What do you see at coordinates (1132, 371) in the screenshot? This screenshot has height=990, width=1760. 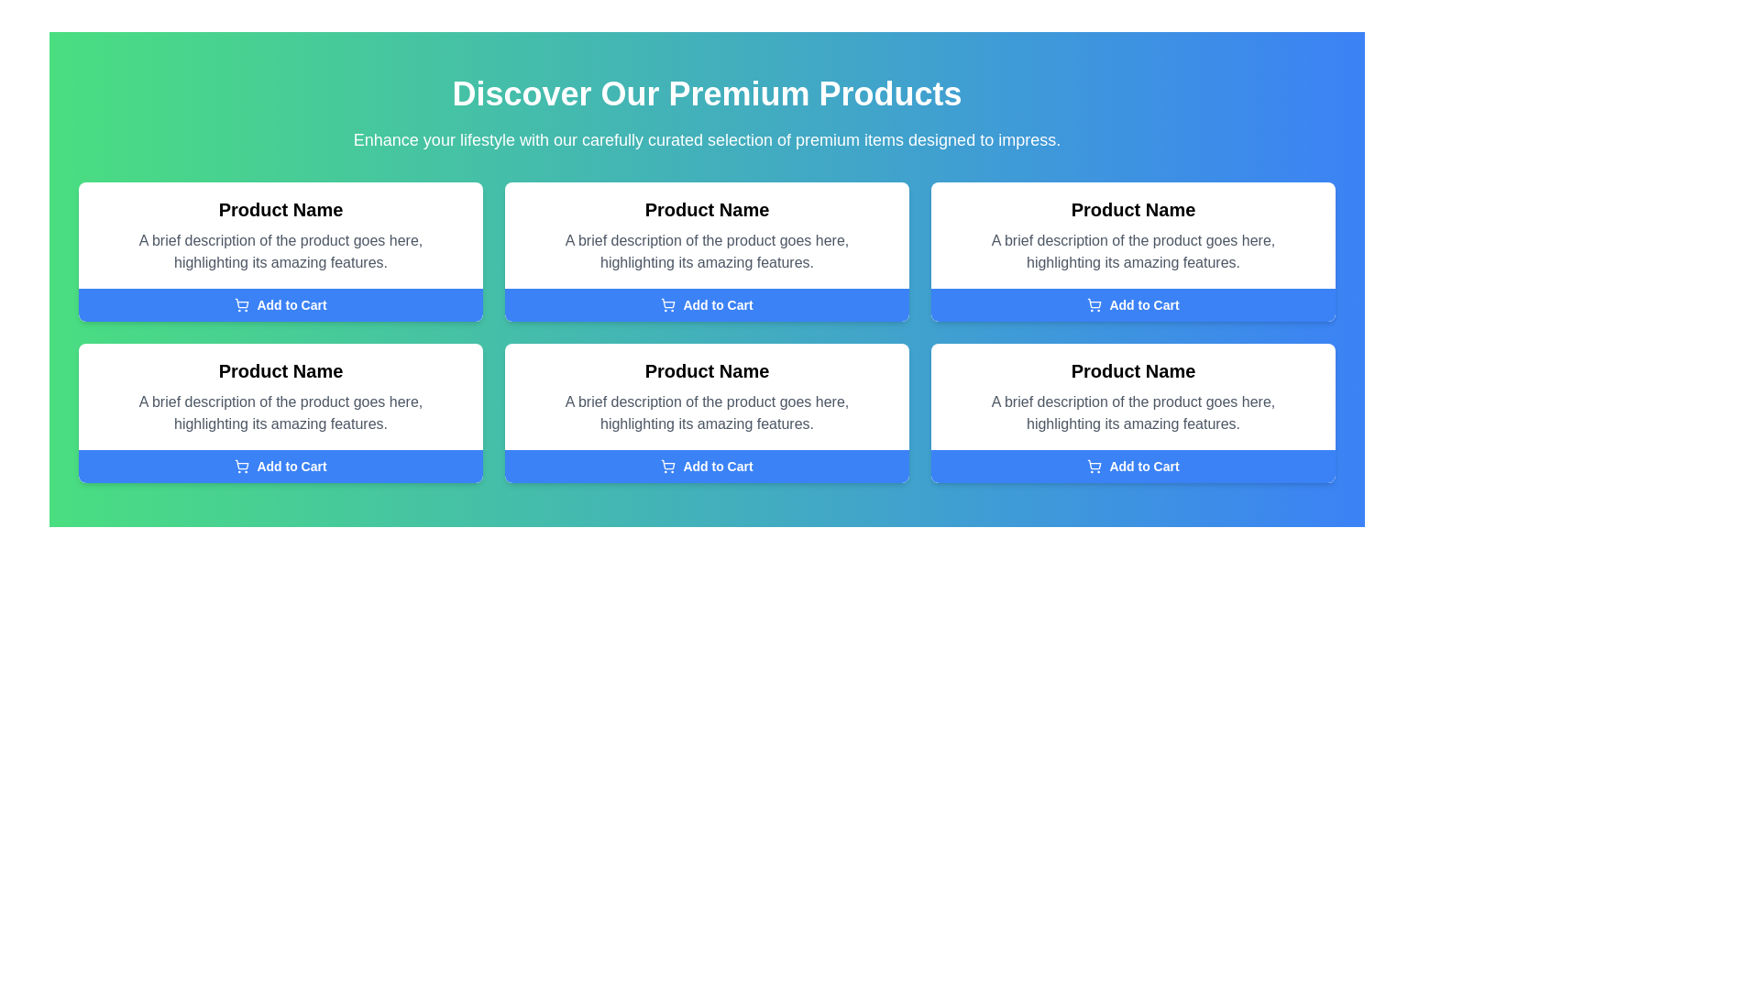 I see `the bold text block that reads 'Product Name', located at the top of the bottom-right card in a grid layout of six cards` at bounding box center [1132, 371].